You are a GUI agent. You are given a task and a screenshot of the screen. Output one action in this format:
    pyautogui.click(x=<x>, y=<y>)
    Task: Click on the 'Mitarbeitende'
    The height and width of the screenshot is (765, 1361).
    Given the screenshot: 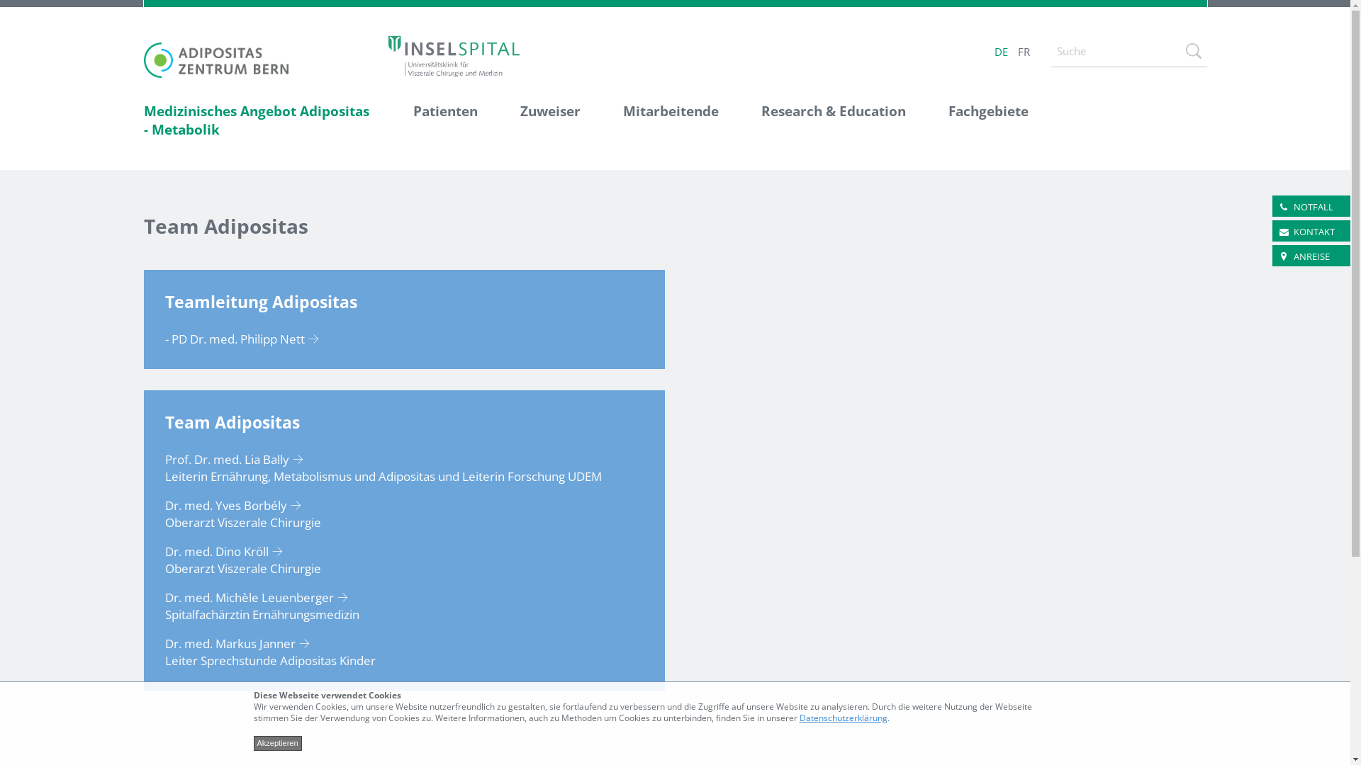 What is the action you would take?
    pyautogui.click(x=669, y=121)
    